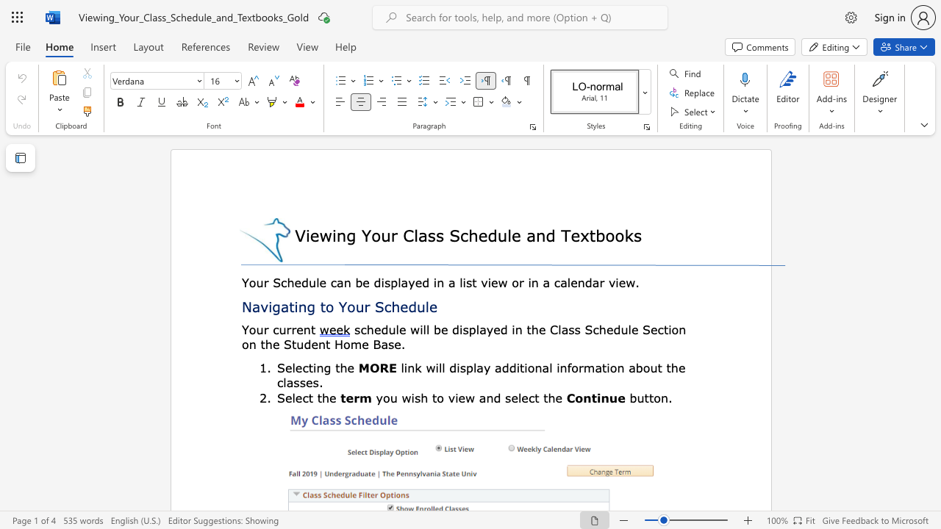 This screenshot has height=529, width=941. What do you see at coordinates (457, 397) in the screenshot?
I see `the subset text "ew and sel" within the text "you wish to view and select the"` at bounding box center [457, 397].